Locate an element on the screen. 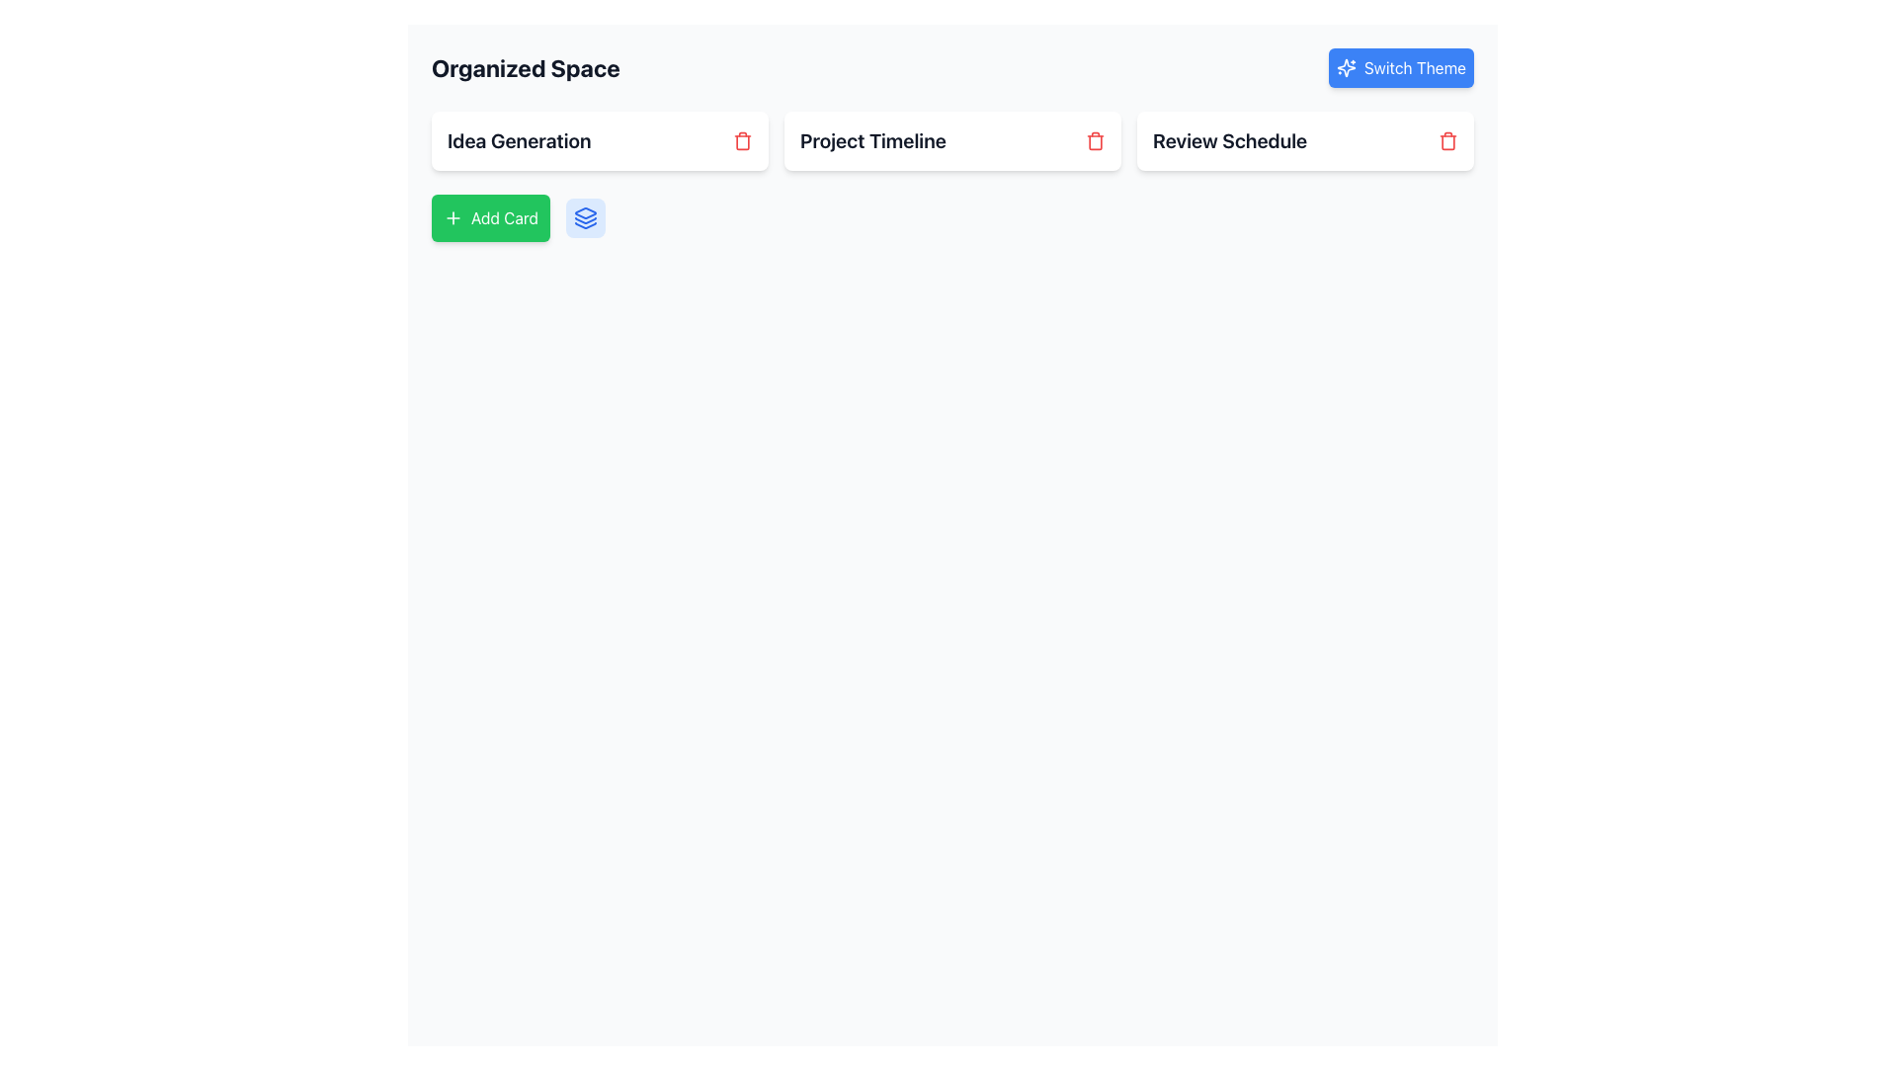 Image resolution: width=1897 pixels, height=1067 pixels. the middle layer of the SVG icon that is styled in blue, located next to the green 'Add Card' button for interaction is located at coordinates (584, 220).